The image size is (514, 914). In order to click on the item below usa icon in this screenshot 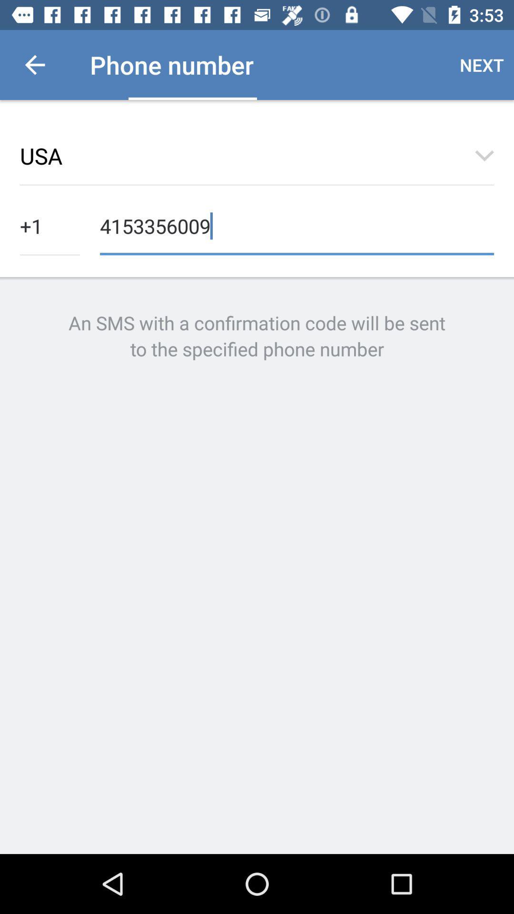, I will do `click(49, 225)`.